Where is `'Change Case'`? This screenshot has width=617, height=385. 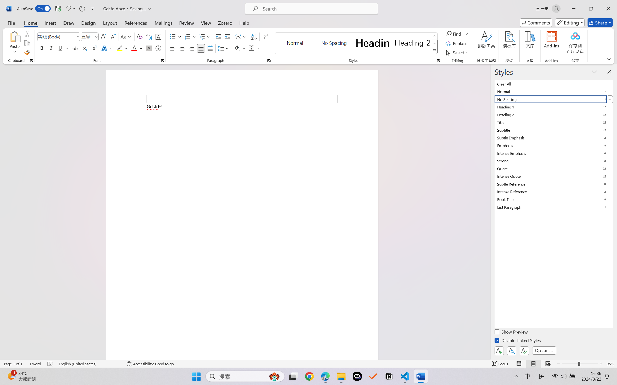
'Change Case' is located at coordinates (126, 37).